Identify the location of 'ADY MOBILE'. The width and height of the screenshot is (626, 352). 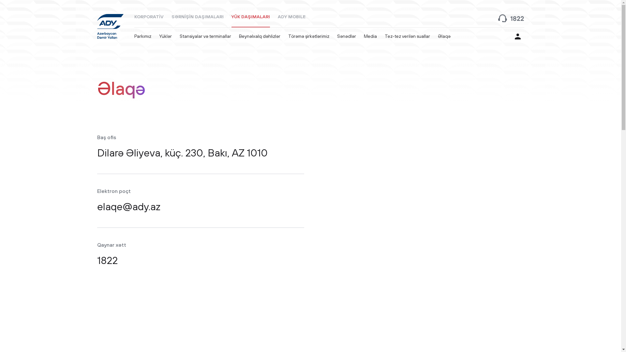
(291, 16).